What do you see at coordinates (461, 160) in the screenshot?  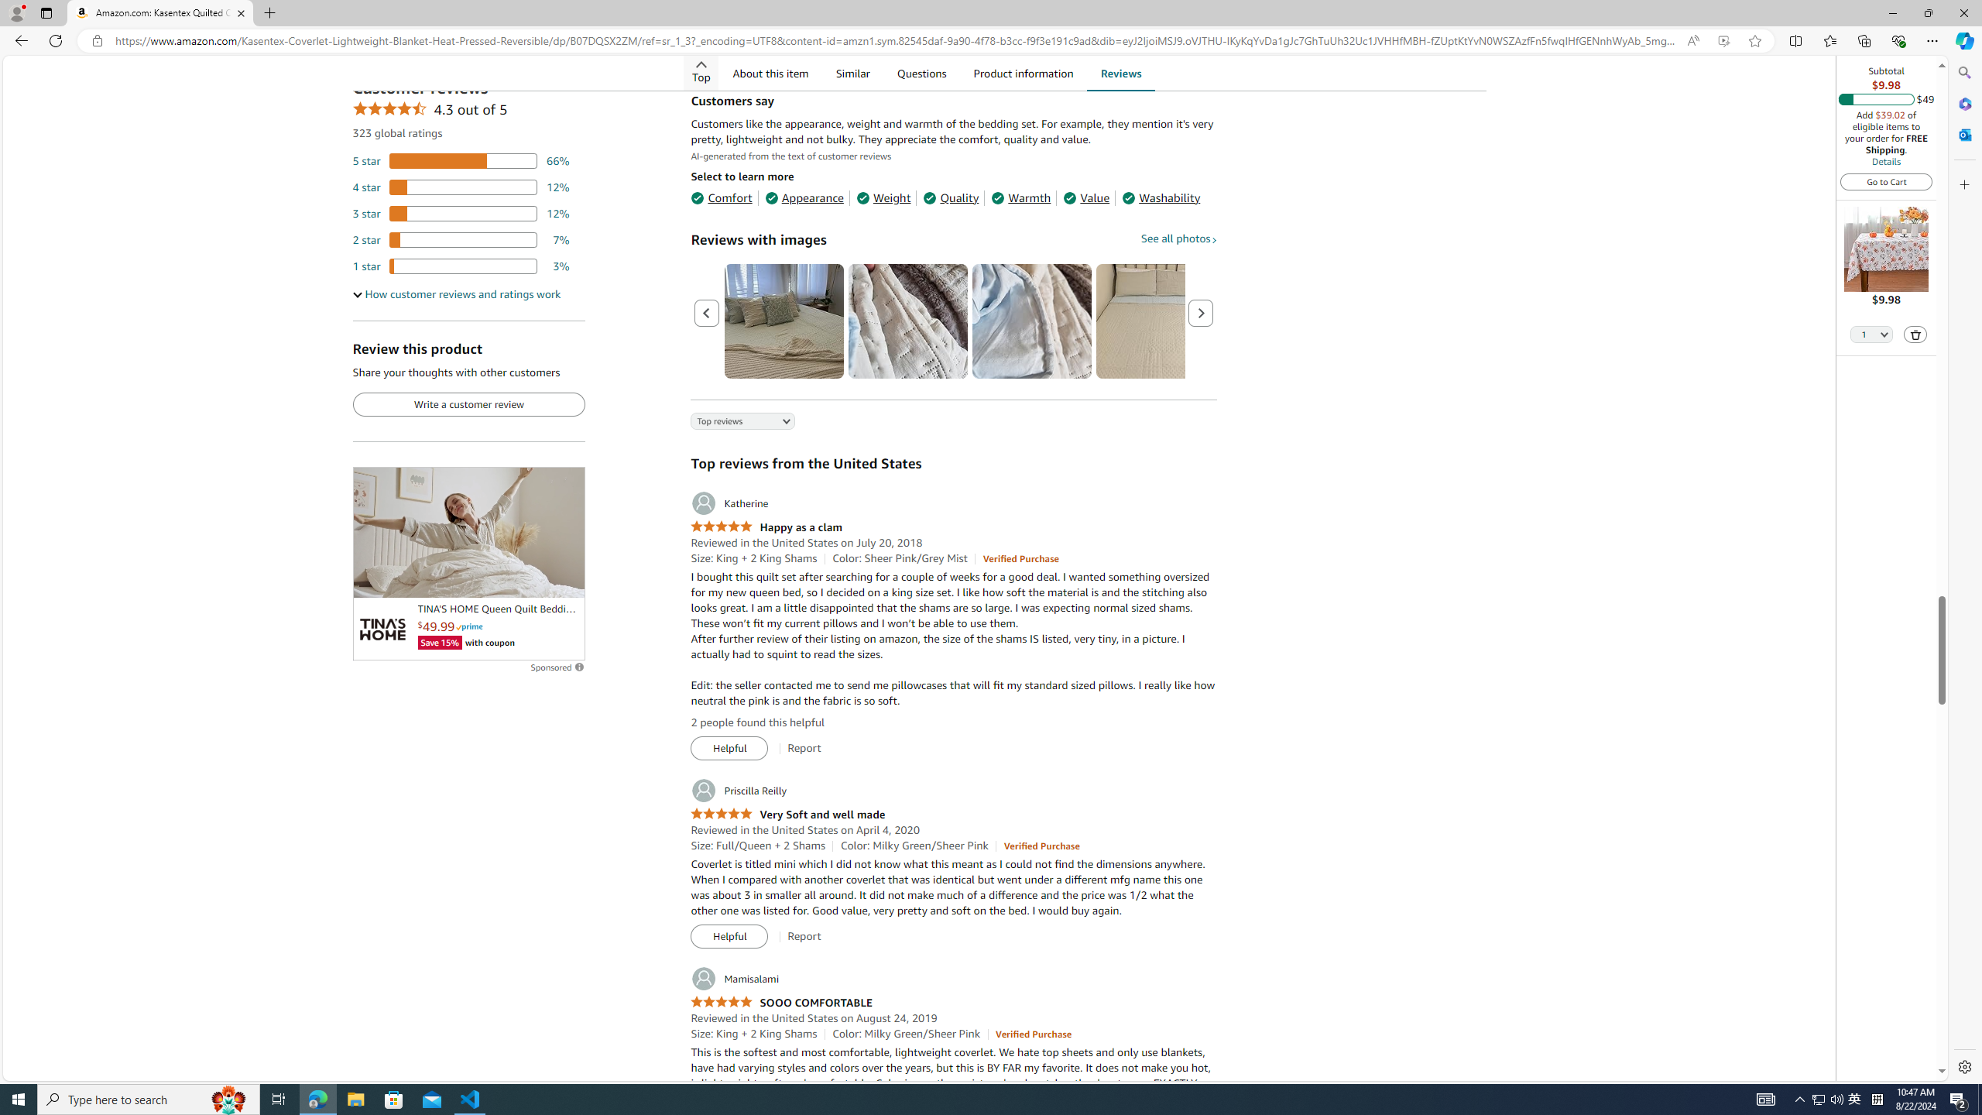 I see `'66 percent of reviews have 5 stars'` at bounding box center [461, 160].